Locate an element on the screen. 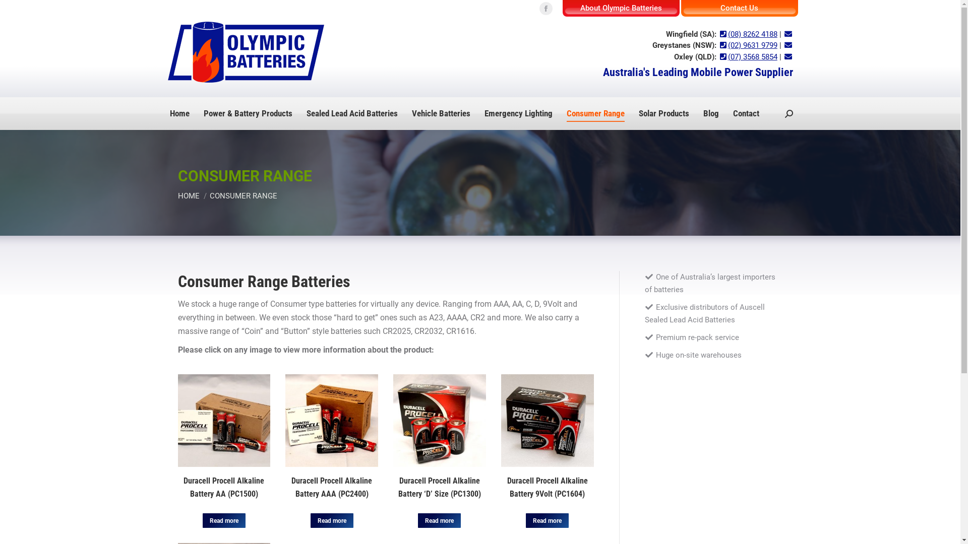 This screenshot has height=544, width=968. '(08) 8262 4188' is located at coordinates (748, 34).